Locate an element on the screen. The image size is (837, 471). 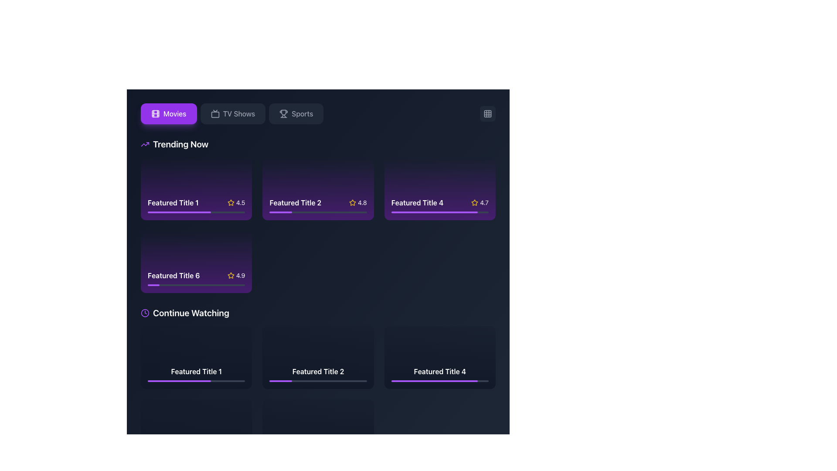
the text label identified as 'Featured Title 4', located in the top right section of the 'Trending Now' category card is located at coordinates (417, 202).